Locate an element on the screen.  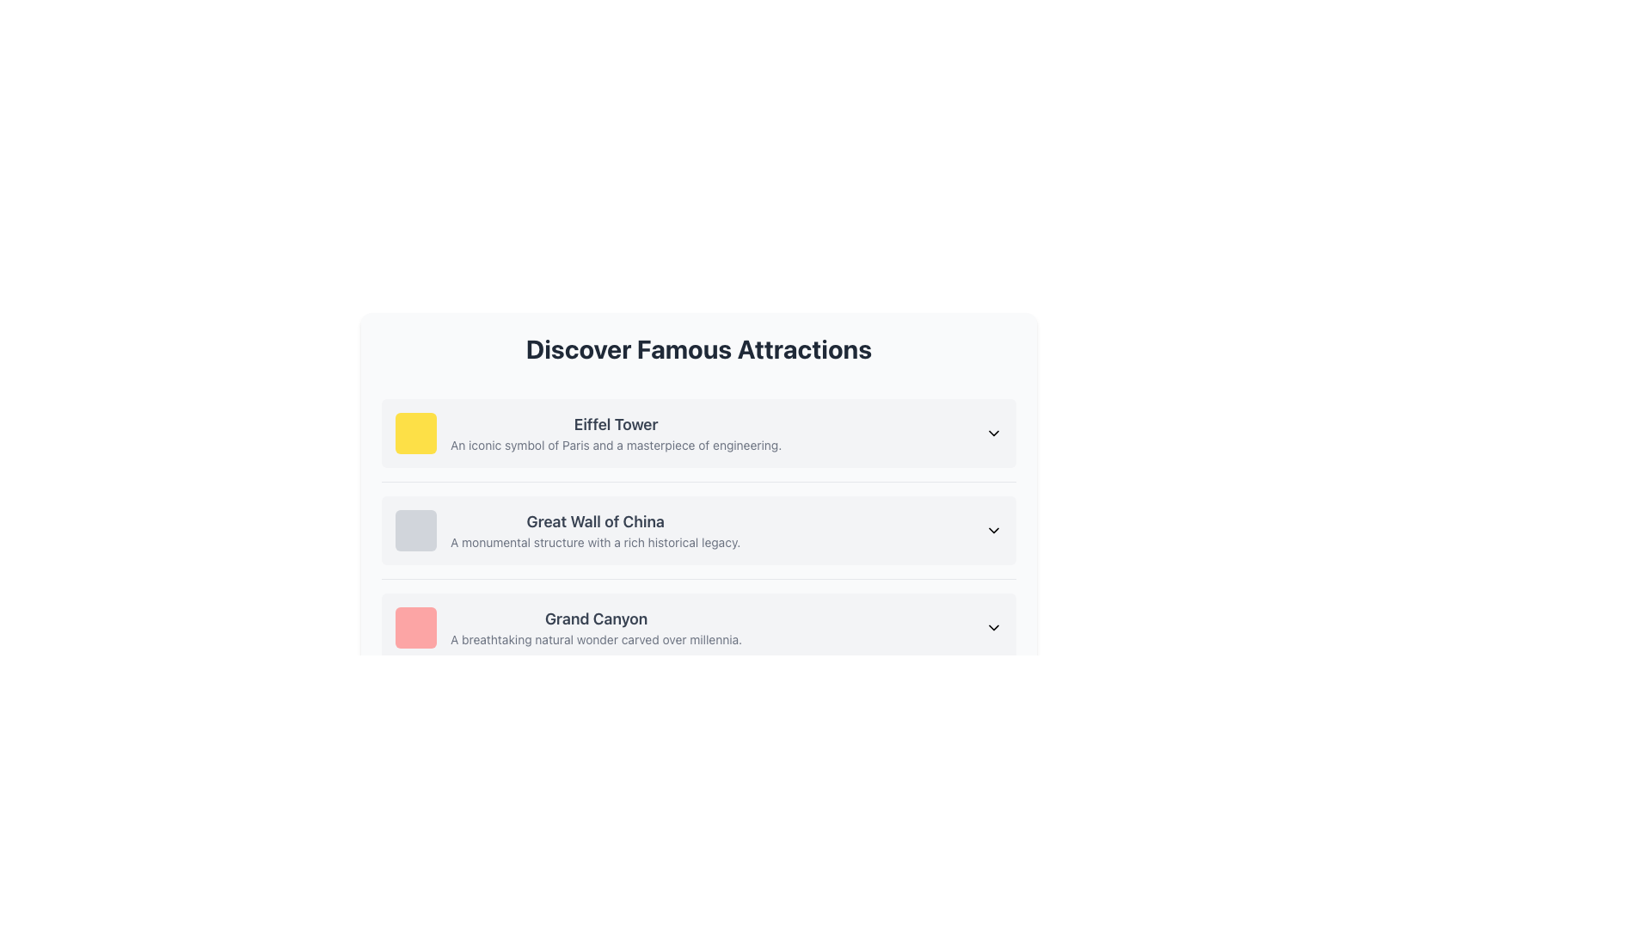
the 'Great Wall of China' text block is located at coordinates (568, 530).